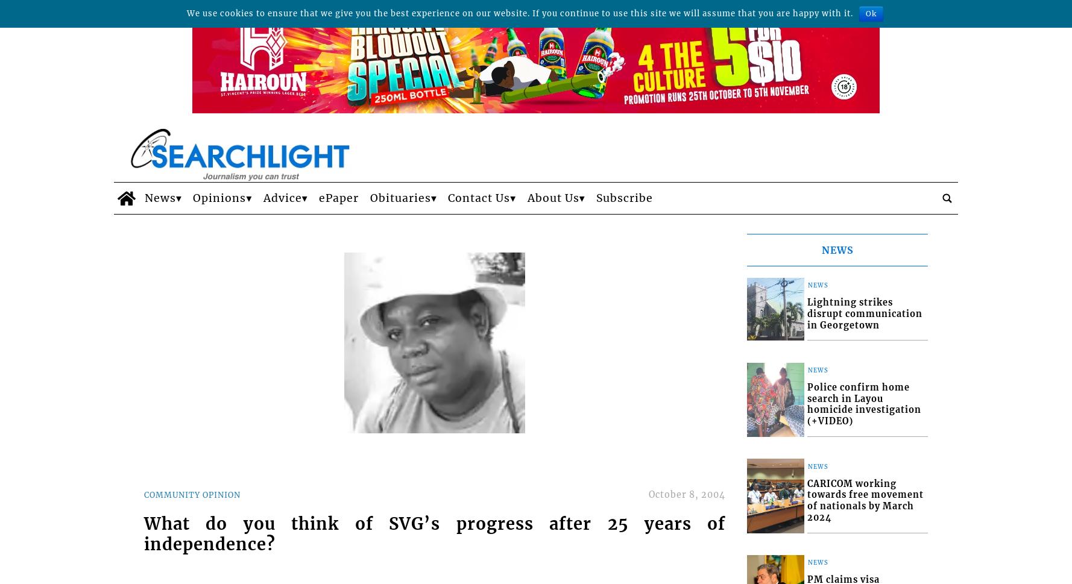 Image resolution: width=1072 pixels, height=584 pixels. Describe the element at coordinates (218, 197) in the screenshot. I see `'Opinions'` at that location.